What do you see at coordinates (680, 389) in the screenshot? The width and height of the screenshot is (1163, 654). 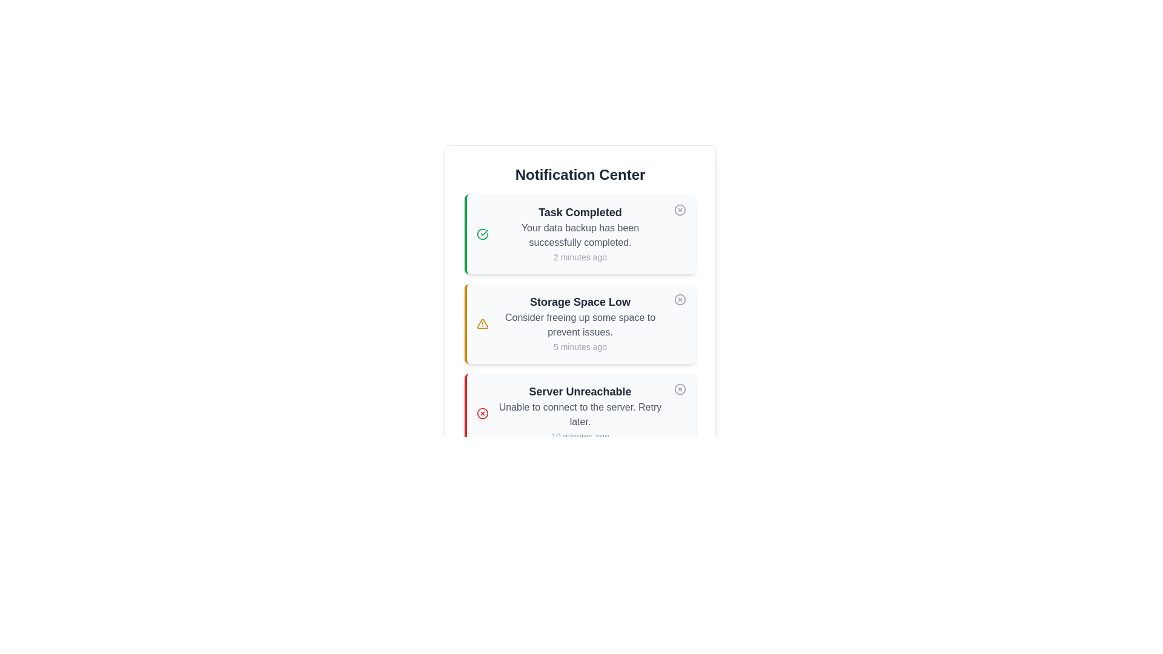 I see `the circular graphical icon representing the 'Server Unreachable' notification, which is styled as part of an SVG component and is located at the bottom right side of the notification card` at bounding box center [680, 389].